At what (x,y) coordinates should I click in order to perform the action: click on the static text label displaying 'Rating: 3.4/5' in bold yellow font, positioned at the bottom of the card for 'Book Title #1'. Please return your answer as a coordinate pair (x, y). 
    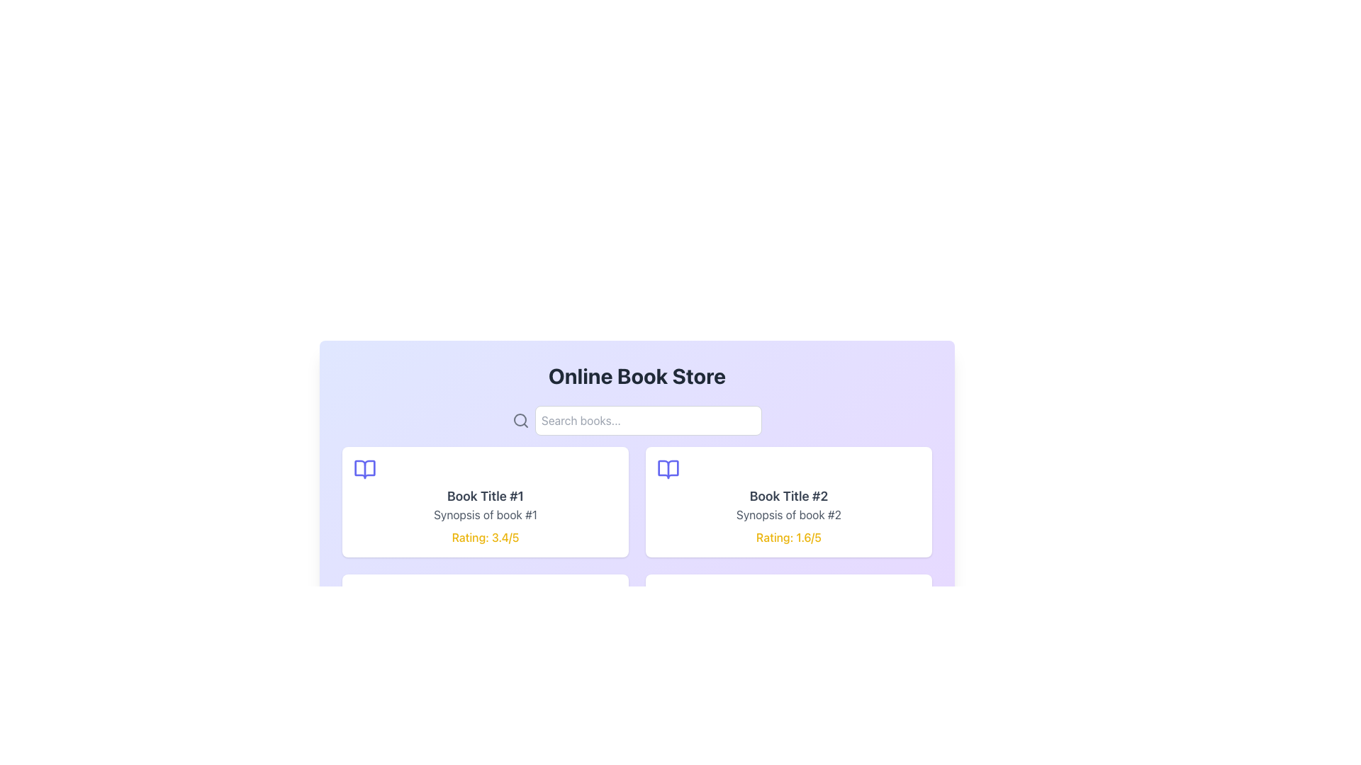
    Looking at the image, I should click on (486, 538).